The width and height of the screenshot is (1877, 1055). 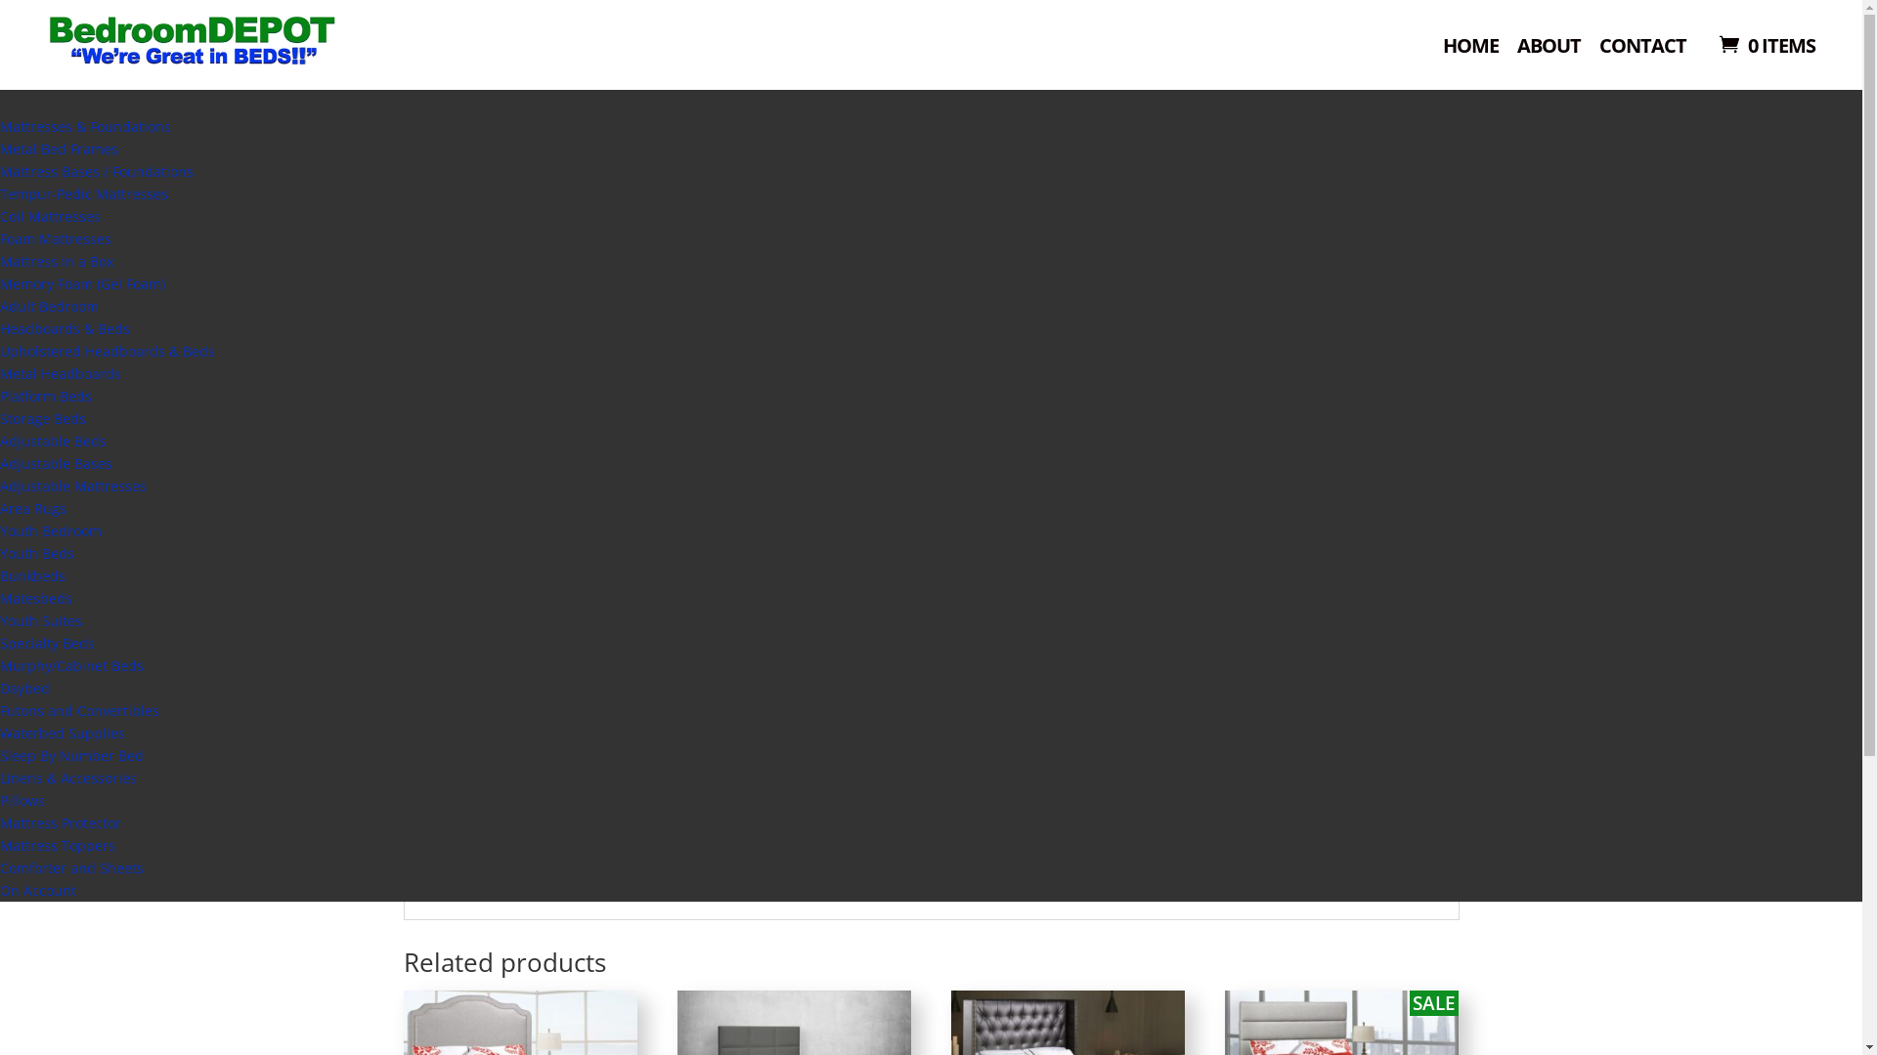 What do you see at coordinates (1765, 44) in the screenshot?
I see `'0 ITEMS'` at bounding box center [1765, 44].